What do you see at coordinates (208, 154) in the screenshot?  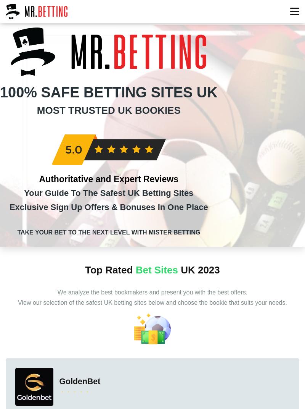 I see `'About Us'` at bounding box center [208, 154].